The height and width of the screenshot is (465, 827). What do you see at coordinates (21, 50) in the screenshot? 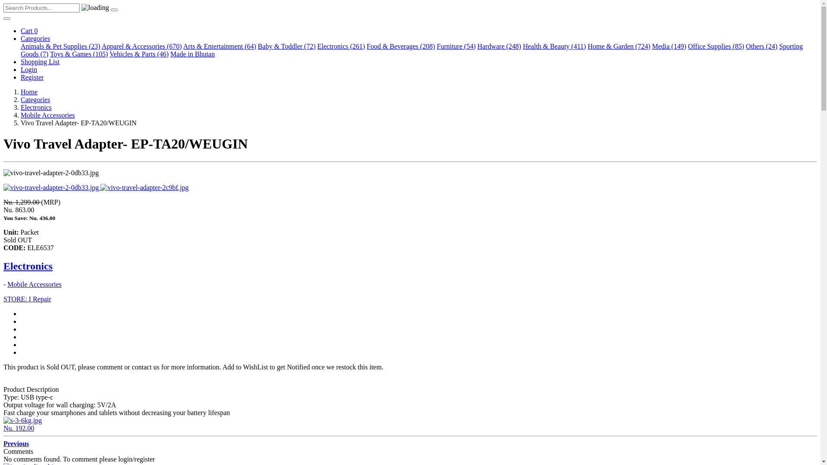
I see `'Sporting Goods (7)'` at bounding box center [21, 50].